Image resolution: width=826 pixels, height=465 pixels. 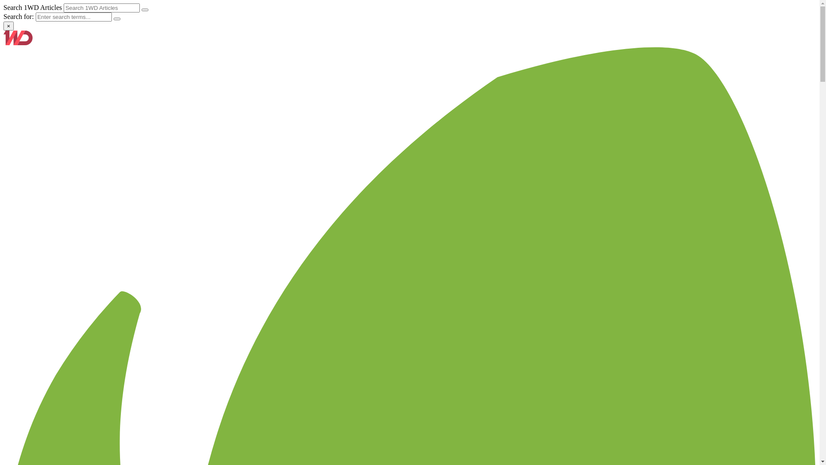 I want to click on '1stWebDesigner', so click(x=3, y=43).